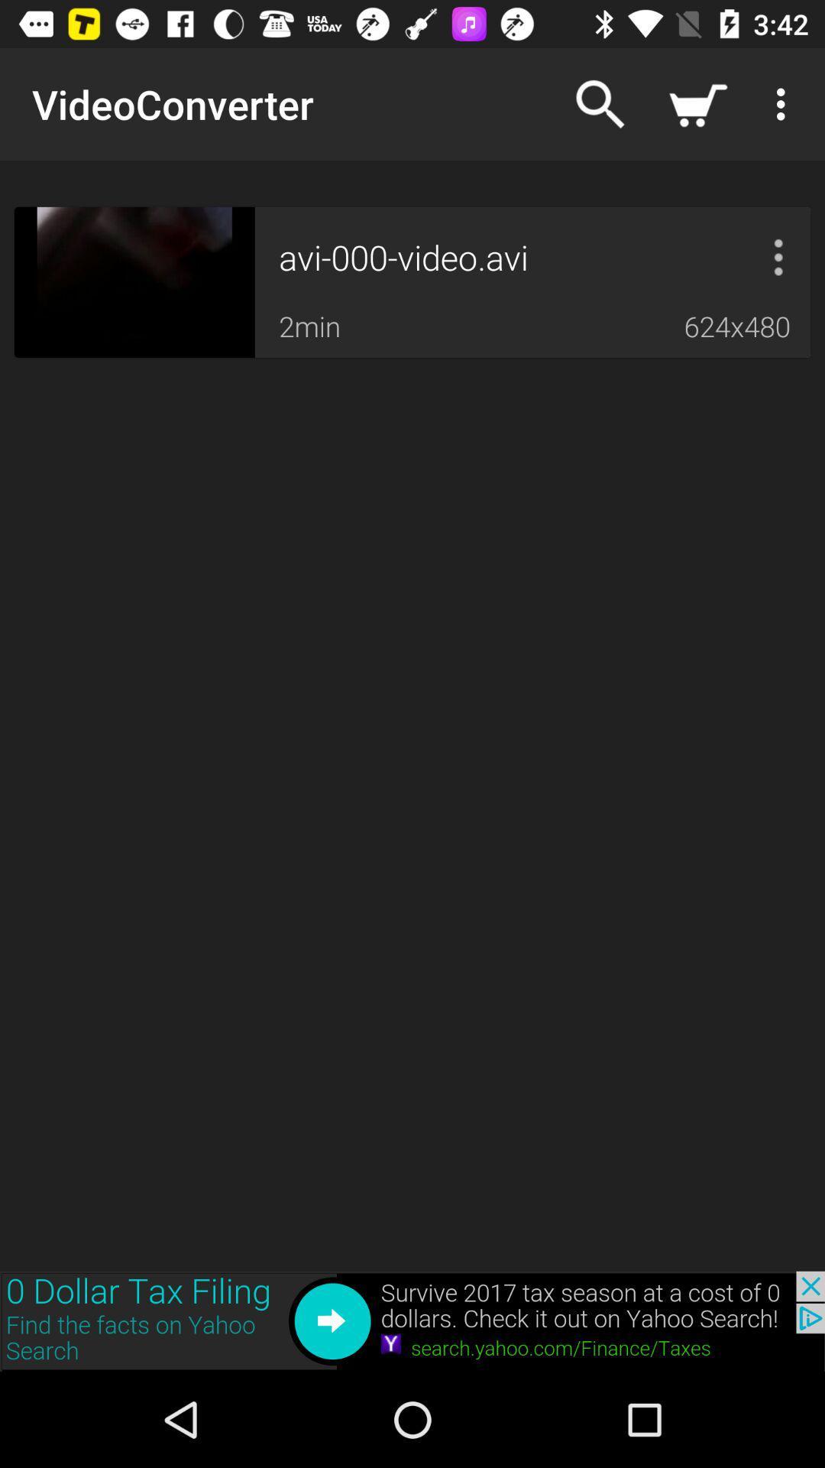 Image resolution: width=825 pixels, height=1468 pixels. I want to click on access video options, so click(778, 257).